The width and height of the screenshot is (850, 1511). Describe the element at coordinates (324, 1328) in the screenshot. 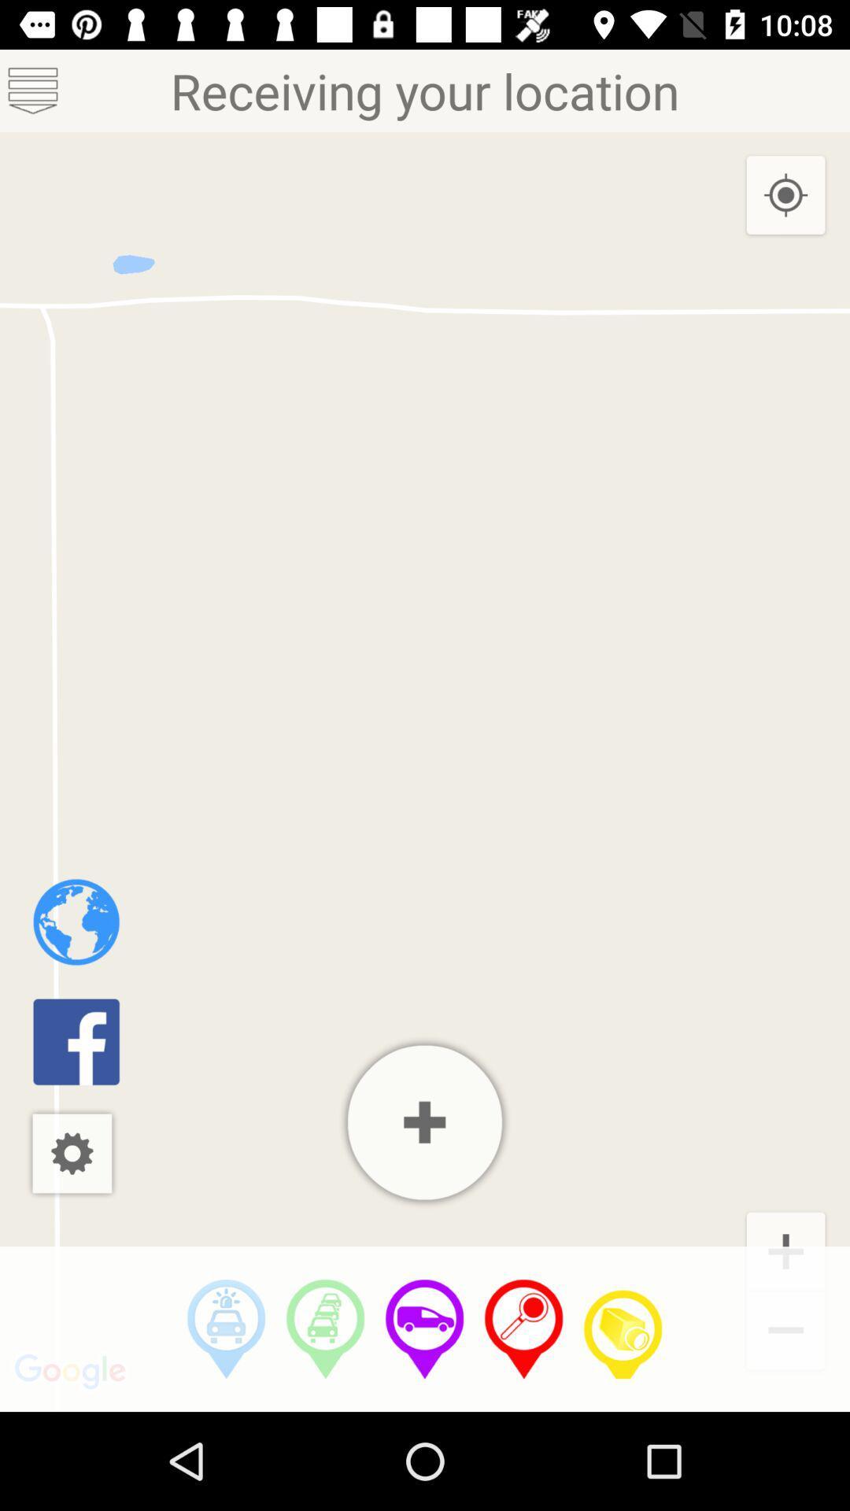

I see `get traffic information` at that location.